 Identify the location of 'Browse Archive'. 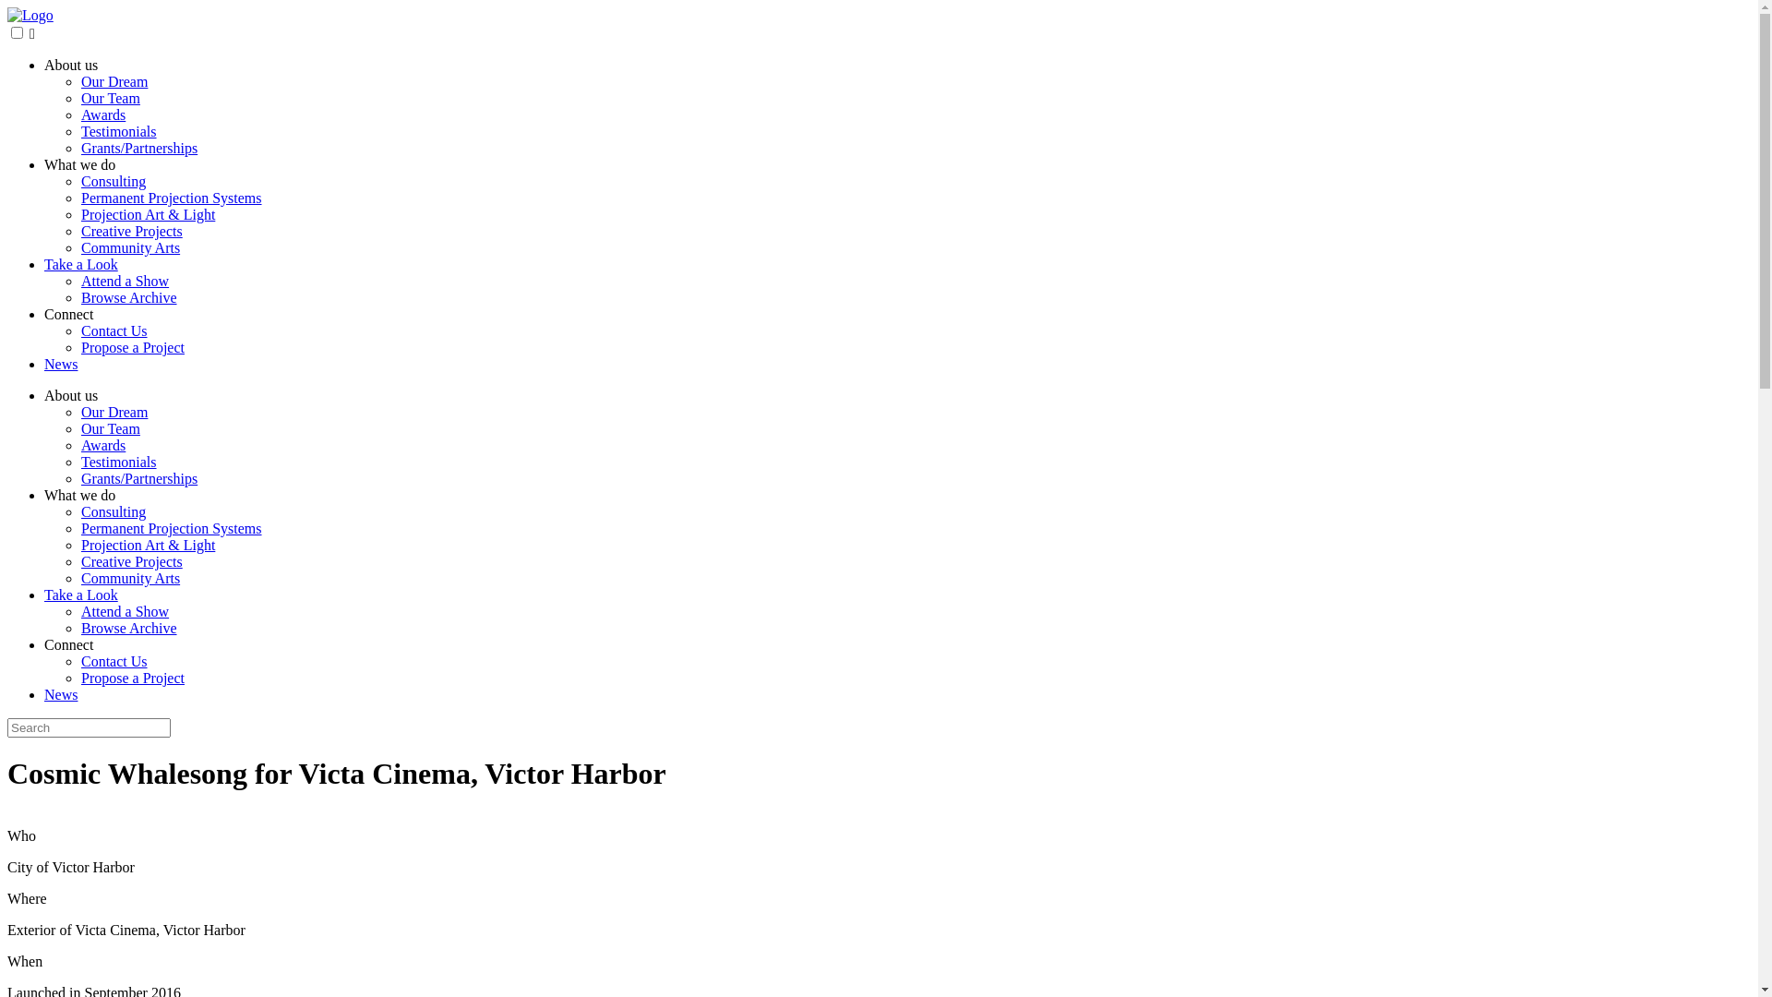
(127, 296).